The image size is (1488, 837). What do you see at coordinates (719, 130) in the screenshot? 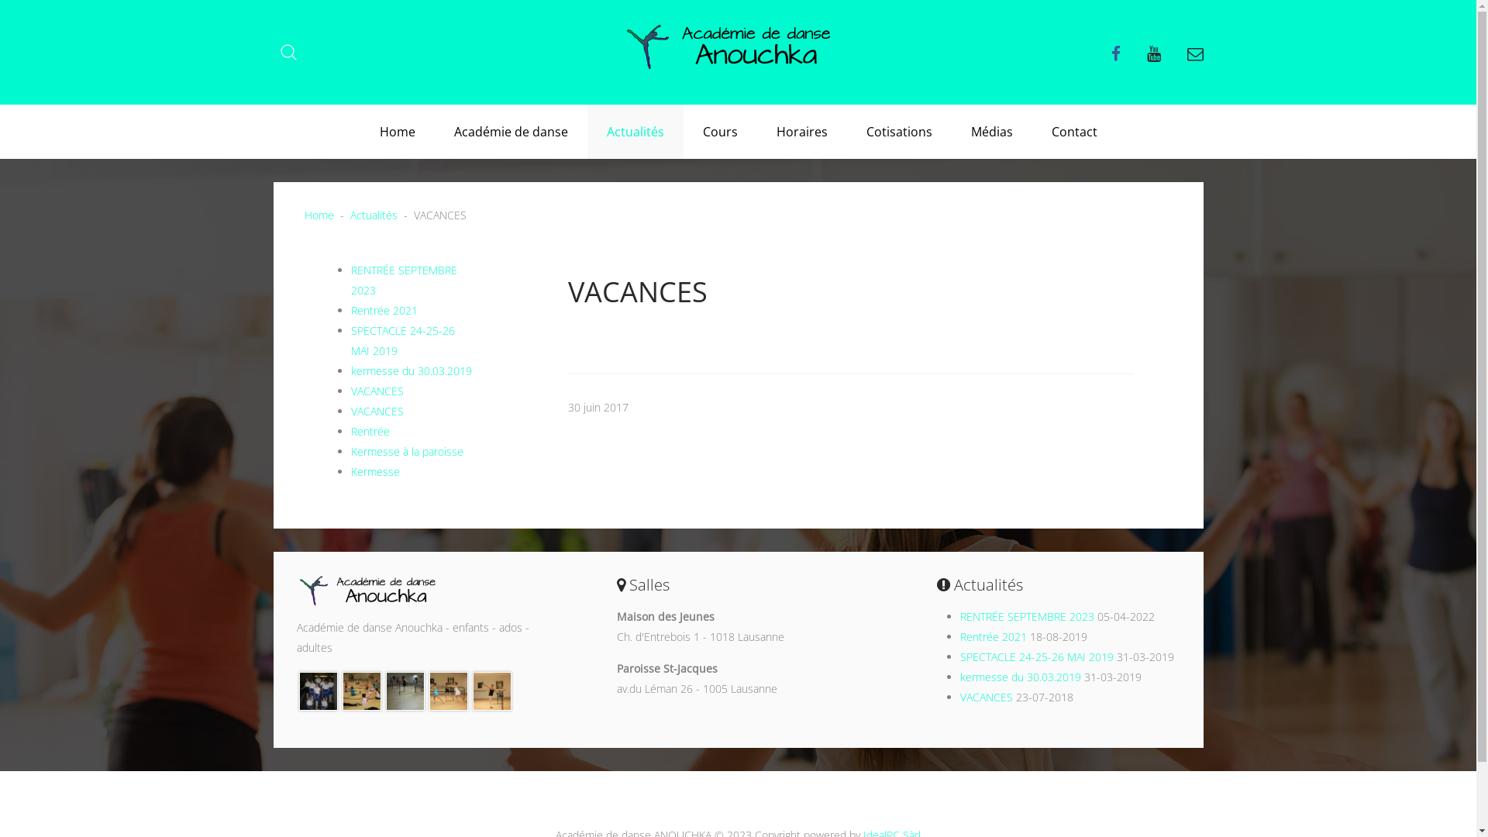
I see `'Cours'` at bounding box center [719, 130].